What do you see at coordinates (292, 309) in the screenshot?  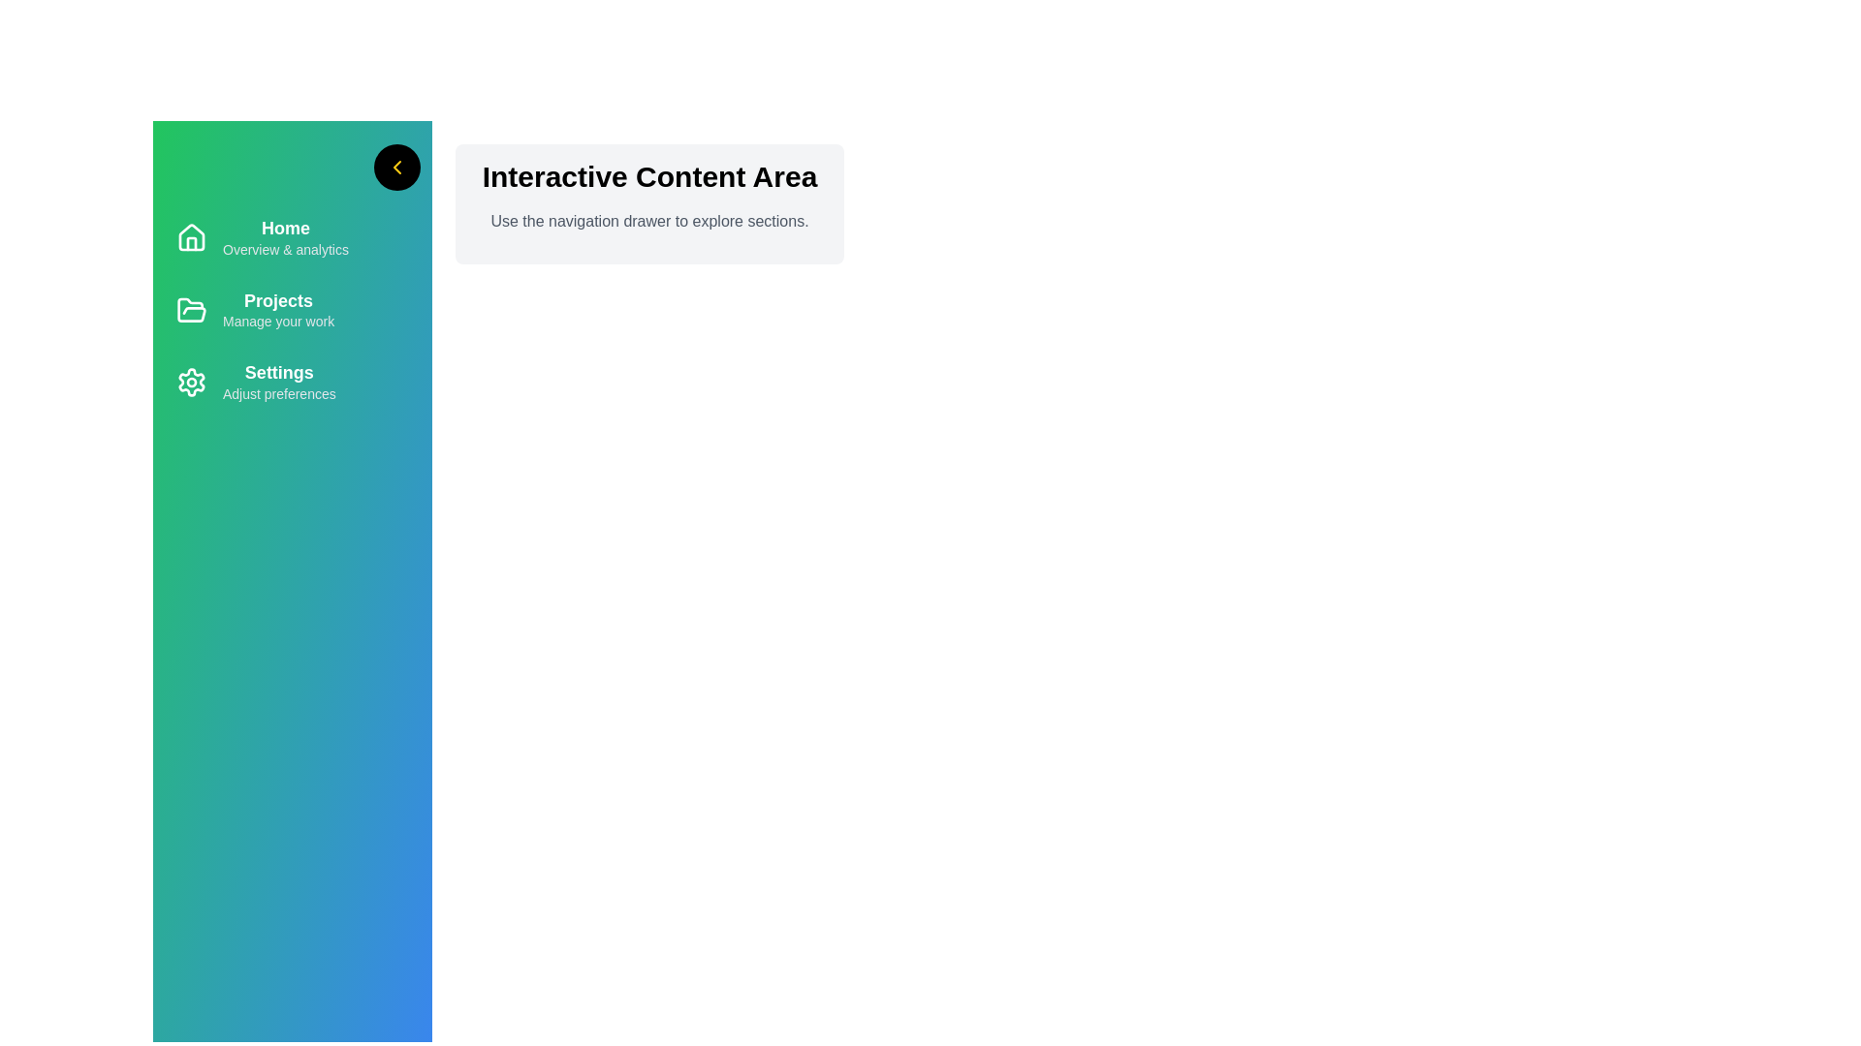 I see `the menu item Projects to highlight it` at bounding box center [292, 309].